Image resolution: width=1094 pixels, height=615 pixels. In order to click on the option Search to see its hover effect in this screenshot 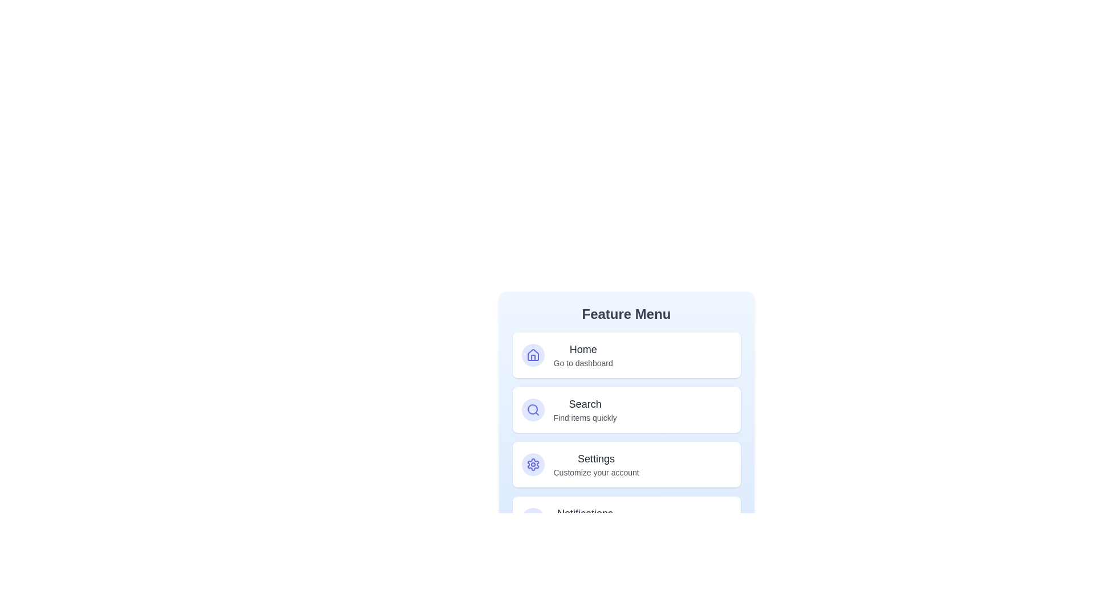, I will do `click(626, 410)`.